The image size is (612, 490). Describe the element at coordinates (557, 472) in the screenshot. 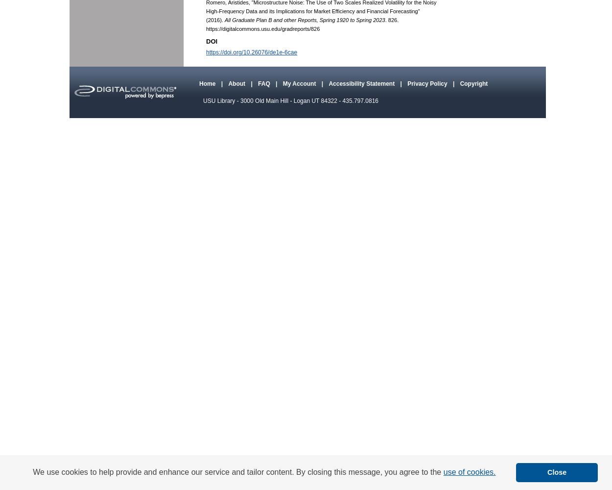

I see `'Close'` at that location.